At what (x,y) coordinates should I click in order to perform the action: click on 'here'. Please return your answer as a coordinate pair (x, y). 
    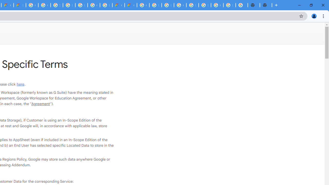
    Looking at the image, I should click on (21, 84).